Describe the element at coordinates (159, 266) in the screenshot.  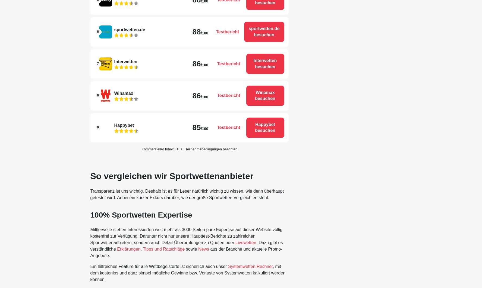
I see `'Ein hilfreiches Feature für alle Wettbegeisterte ist sicherlich auch unser'` at that location.